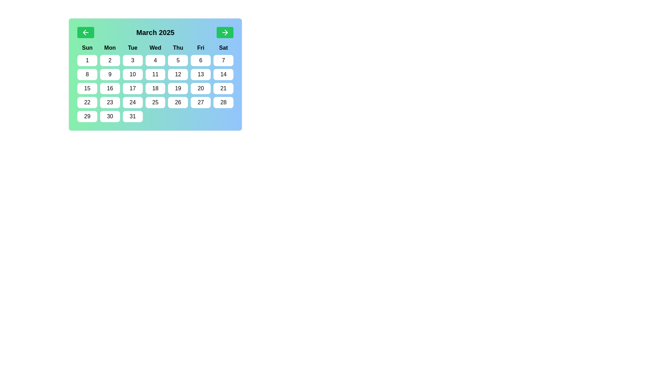  I want to click on the selectable button representing the day '14' in the calendar interface, so click(223, 74).